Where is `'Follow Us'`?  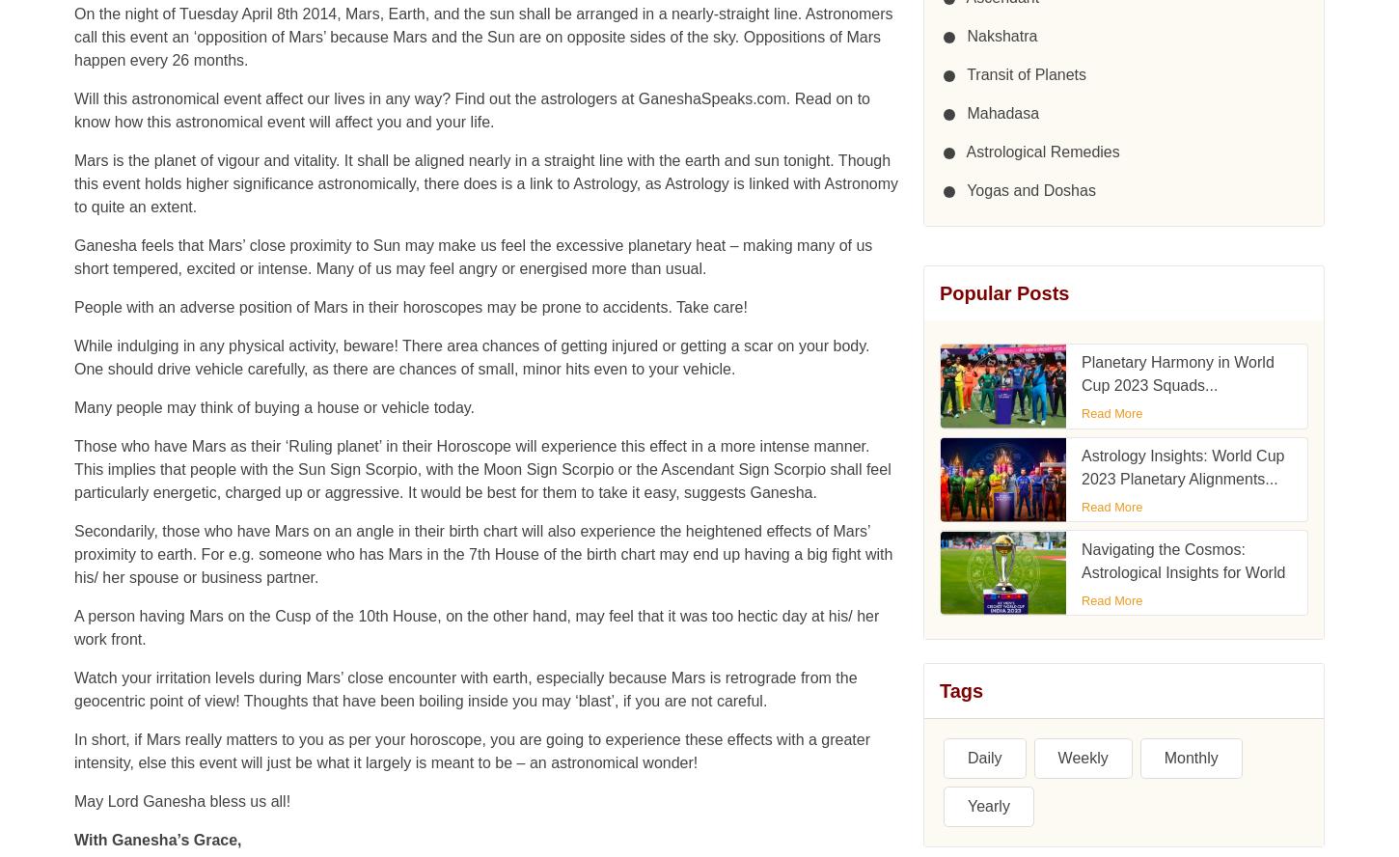
'Follow Us' is located at coordinates (939, 286).